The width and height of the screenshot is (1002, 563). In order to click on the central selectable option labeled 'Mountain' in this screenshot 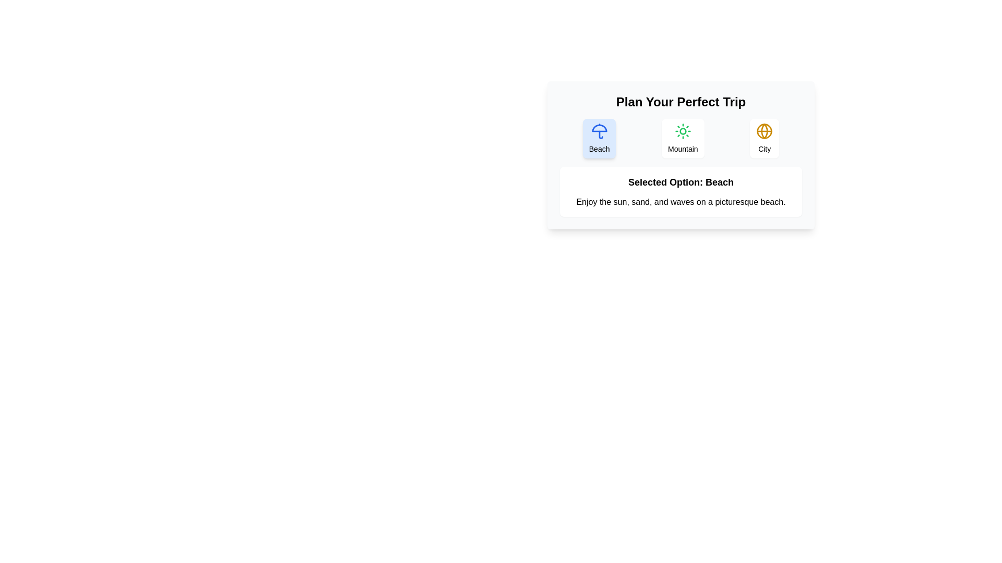, I will do `click(683, 138)`.